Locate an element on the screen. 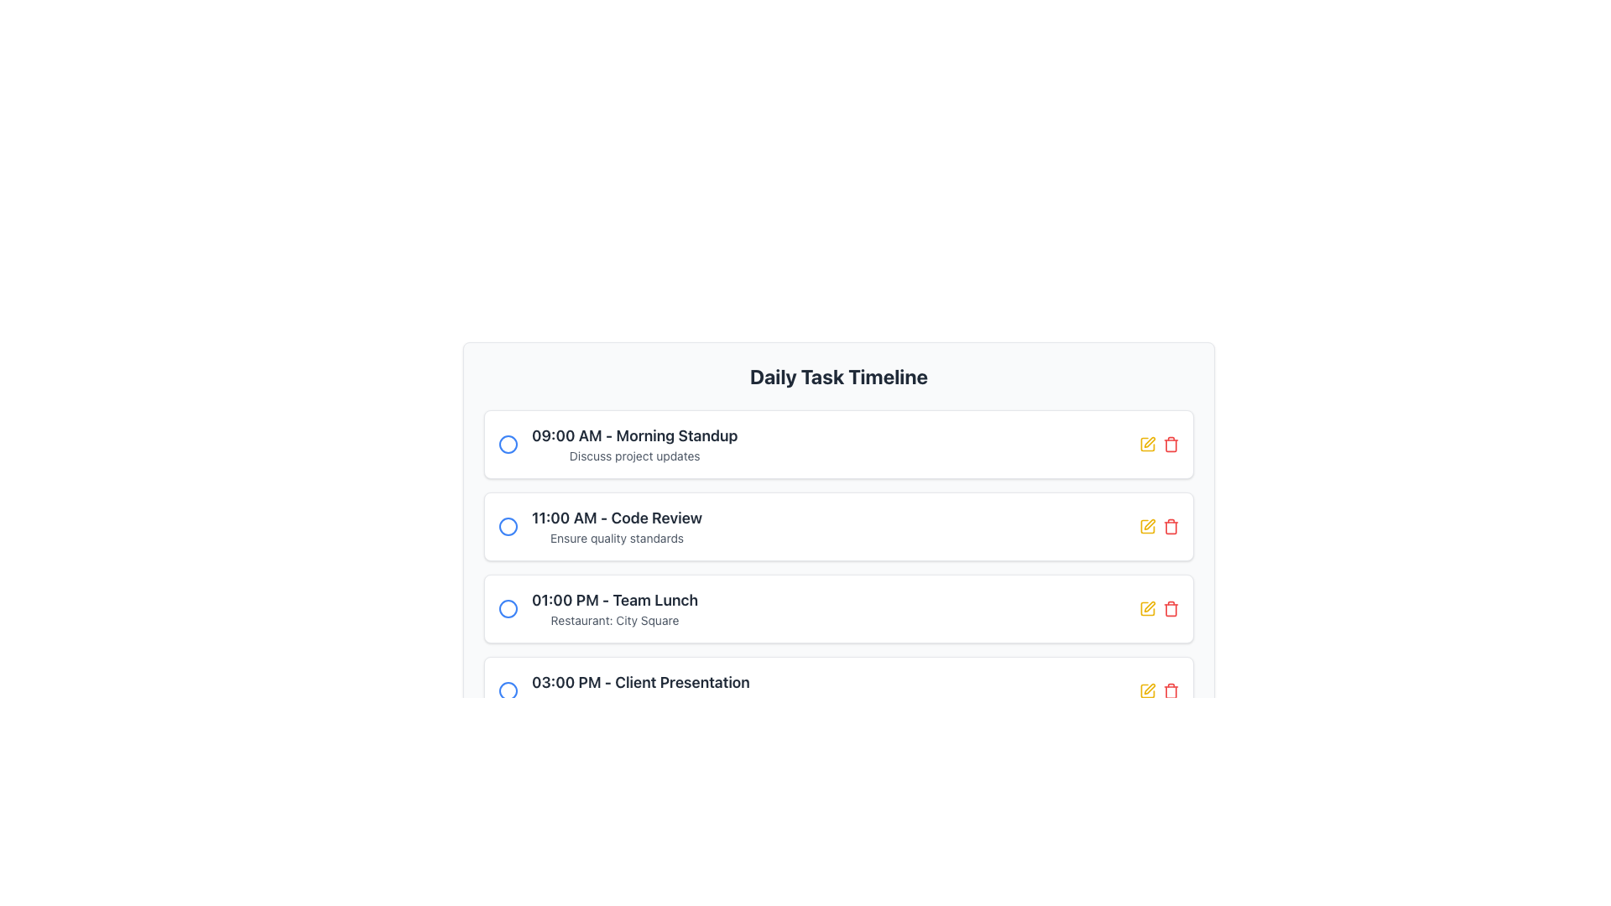 The image size is (1611, 906). the circular marker with a blue border and white fill located to the left of the text '01:00 PM - Team Lunch' in the third entry of the list is located at coordinates (507, 608).